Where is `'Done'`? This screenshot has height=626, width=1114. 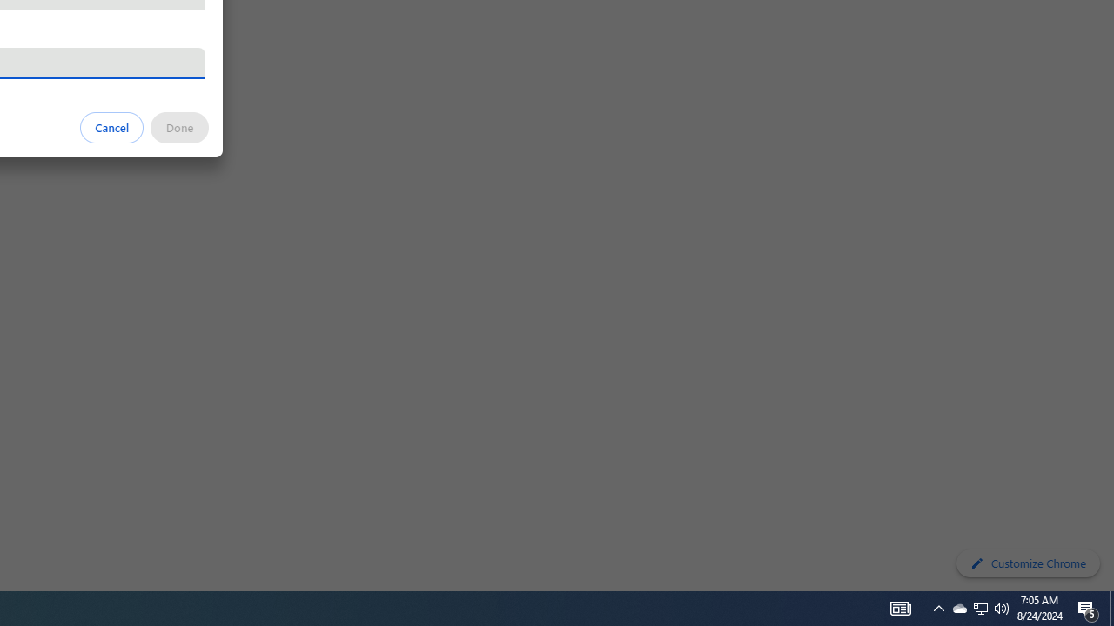 'Done' is located at coordinates (179, 126).